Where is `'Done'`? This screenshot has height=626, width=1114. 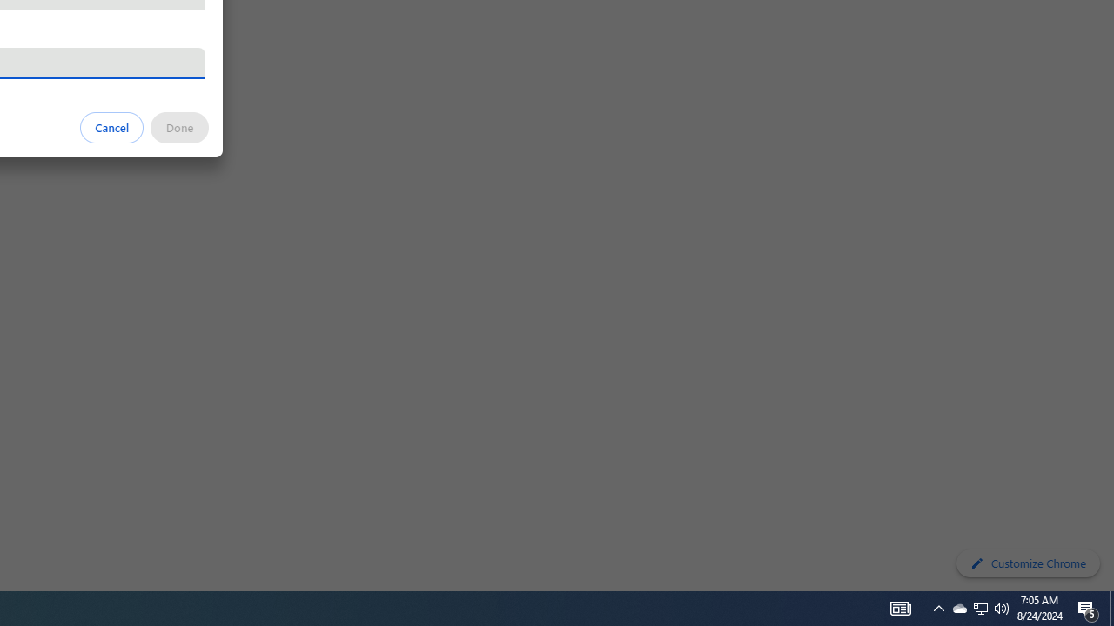 'Done' is located at coordinates (179, 126).